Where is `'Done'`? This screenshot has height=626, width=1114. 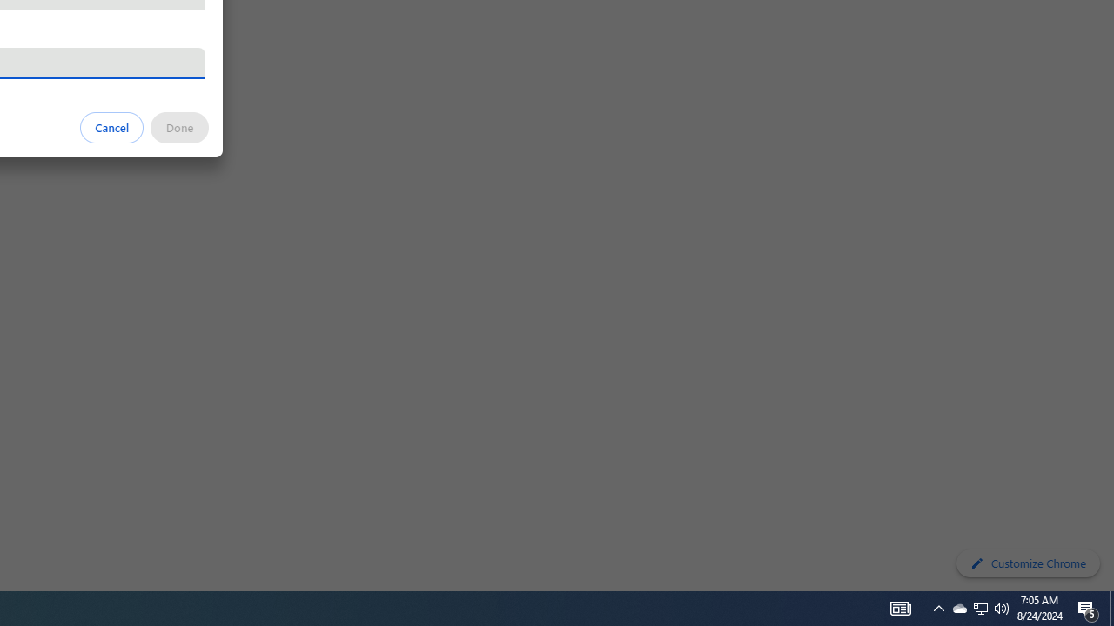 'Done' is located at coordinates (179, 126).